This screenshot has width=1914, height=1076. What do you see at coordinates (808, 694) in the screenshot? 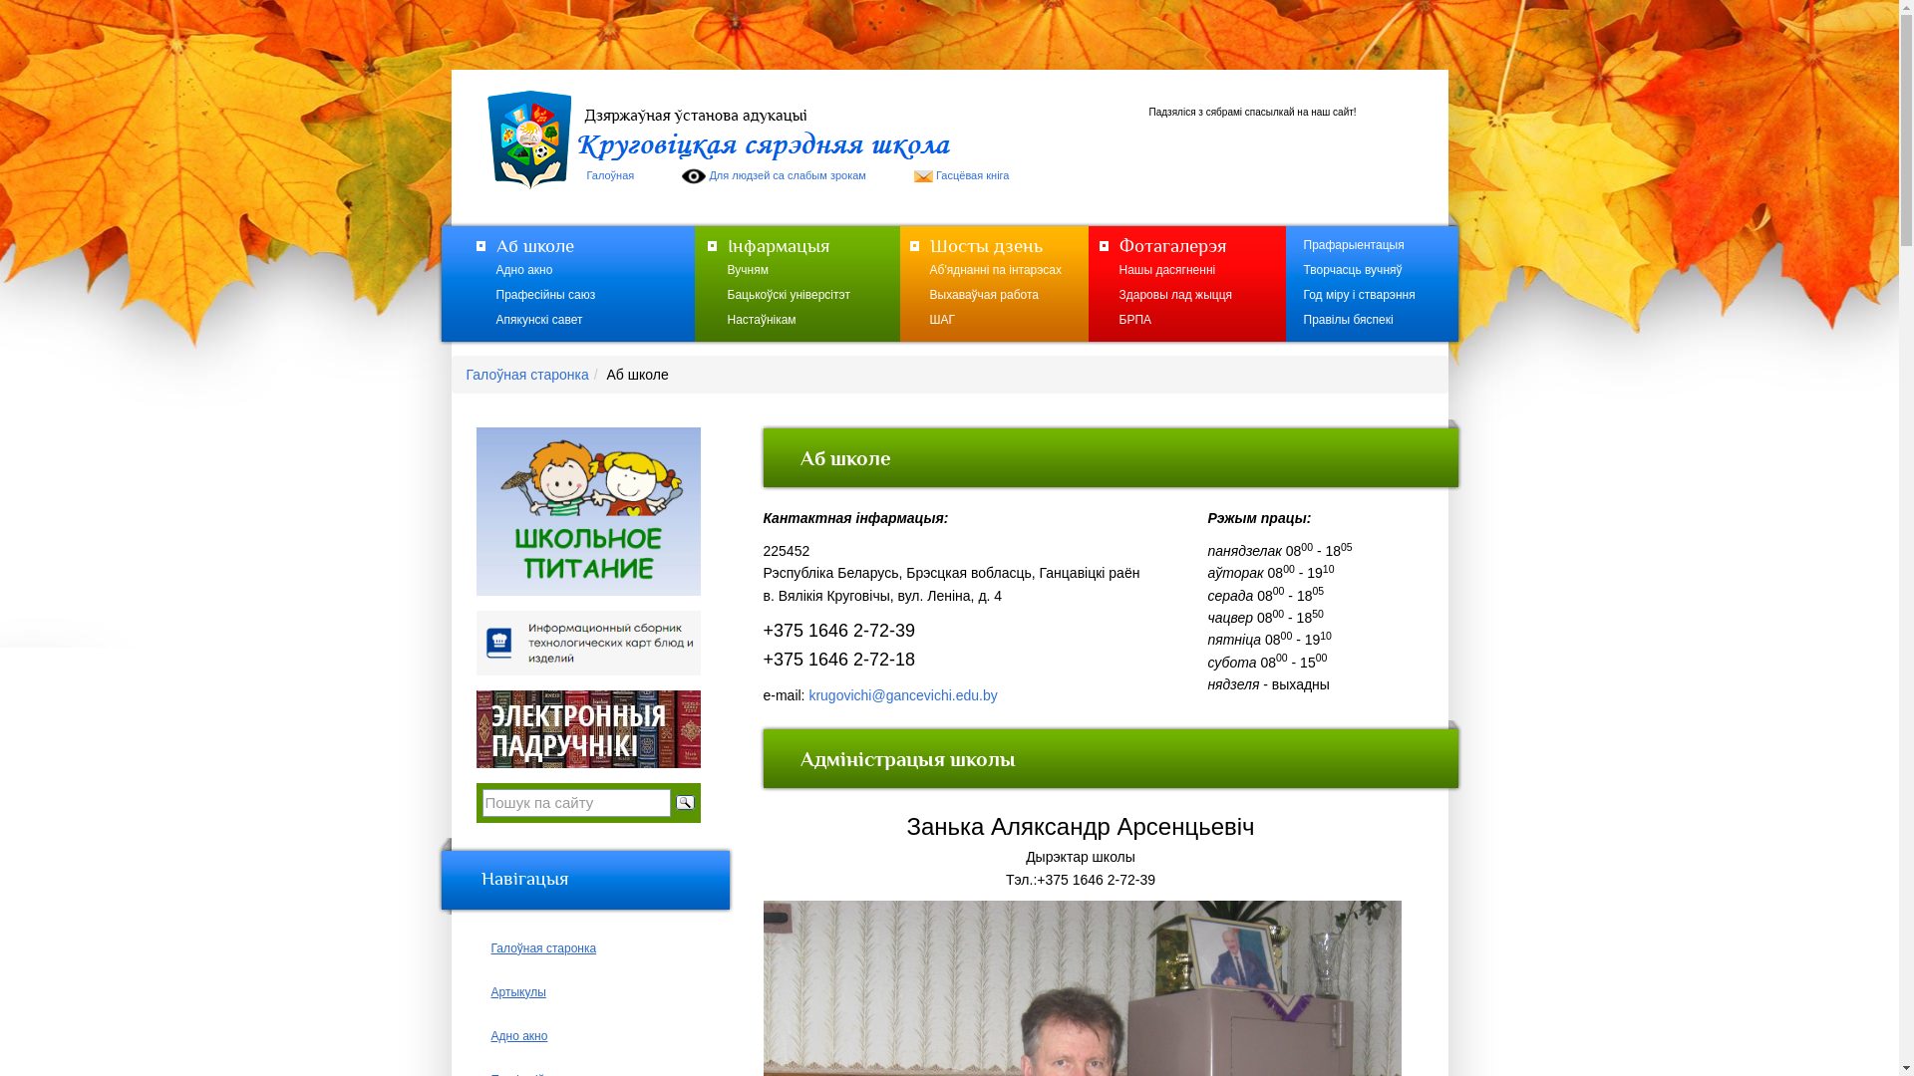
I see `'krugovichi@gancevichi.edu.by'` at bounding box center [808, 694].